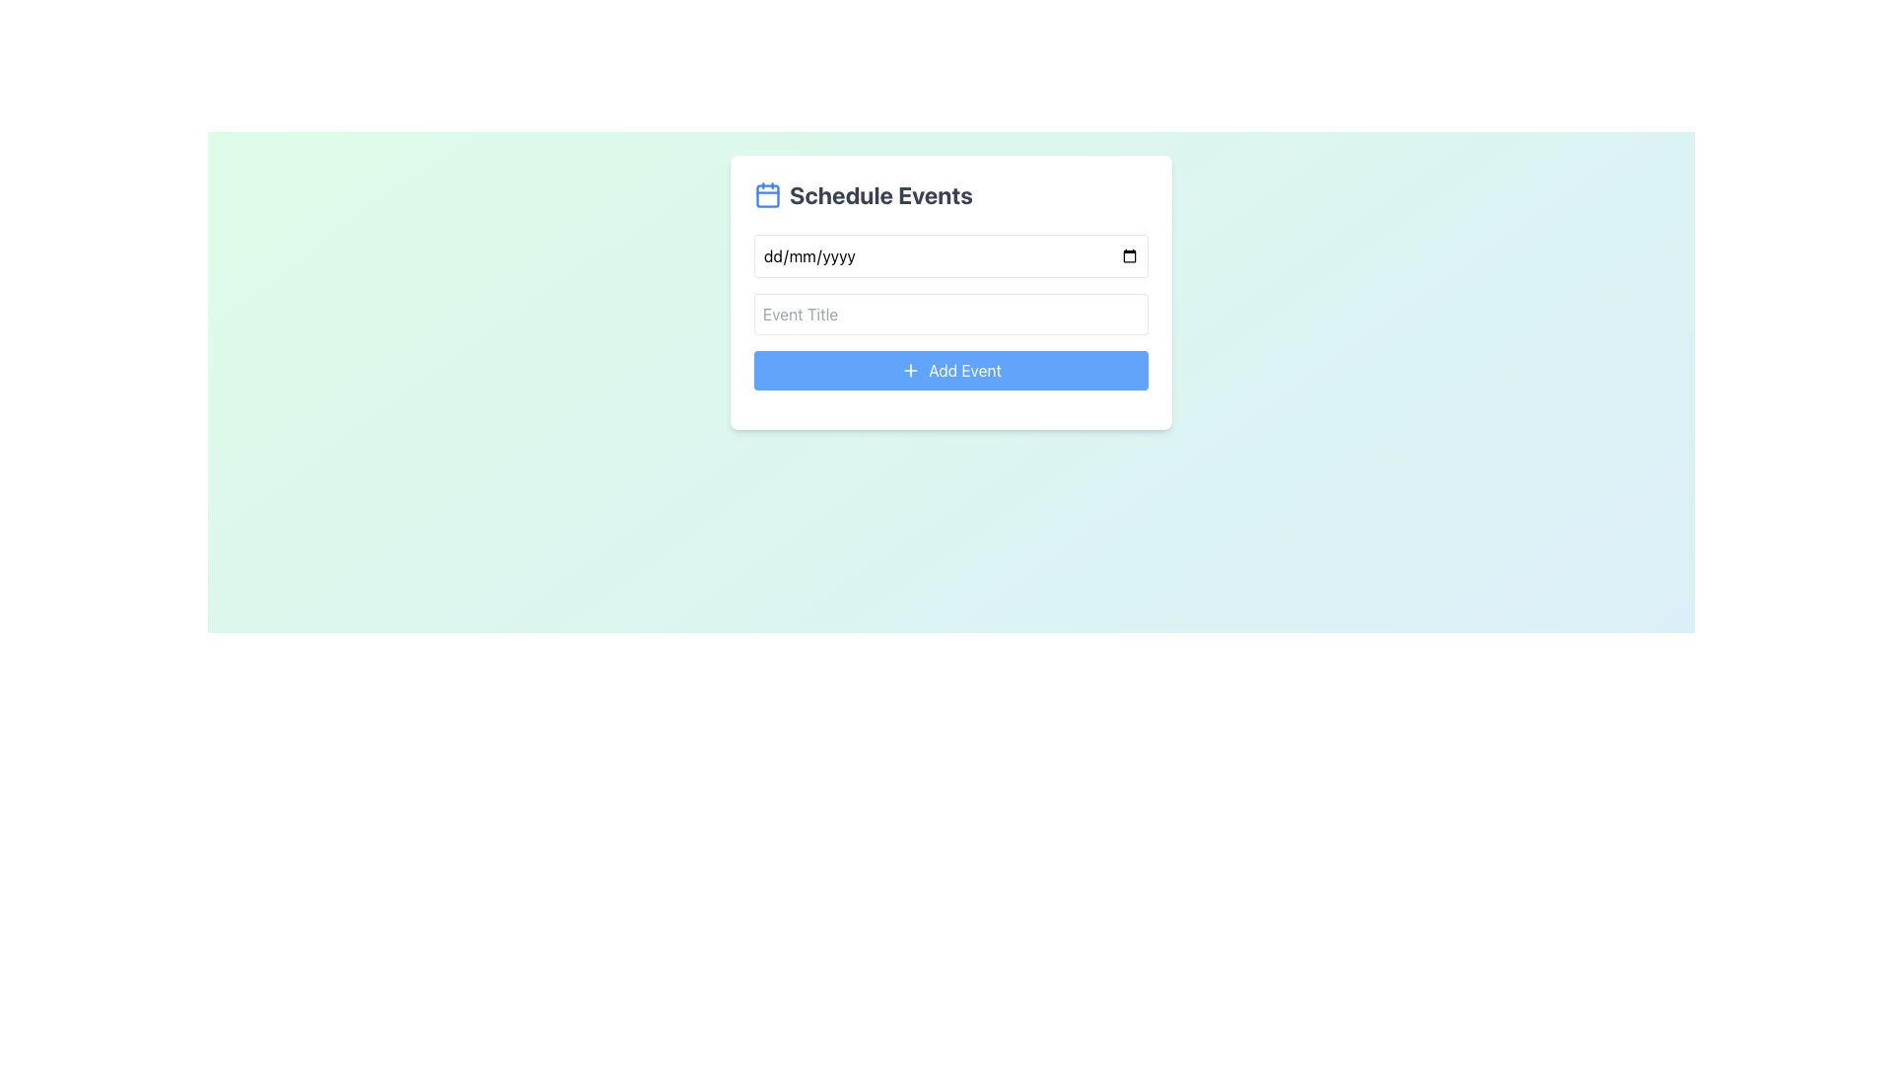  What do you see at coordinates (766, 194) in the screenshot?
I see `the blue outlined calendar icon located to the left of the 'Schedule Events' text` at bounding box center [766, 194].